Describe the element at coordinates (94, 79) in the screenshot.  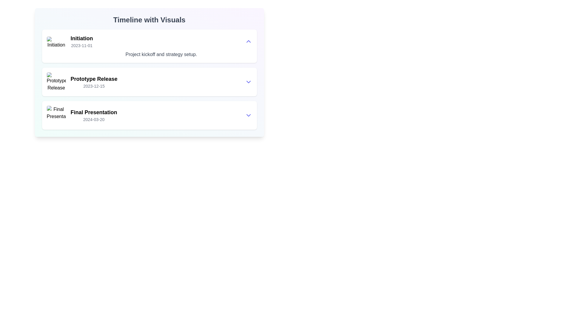
I see `the text label displaying 'Prototype Release', which is styled as a bold heading and centrally aligned within its timeline entry` at that location.